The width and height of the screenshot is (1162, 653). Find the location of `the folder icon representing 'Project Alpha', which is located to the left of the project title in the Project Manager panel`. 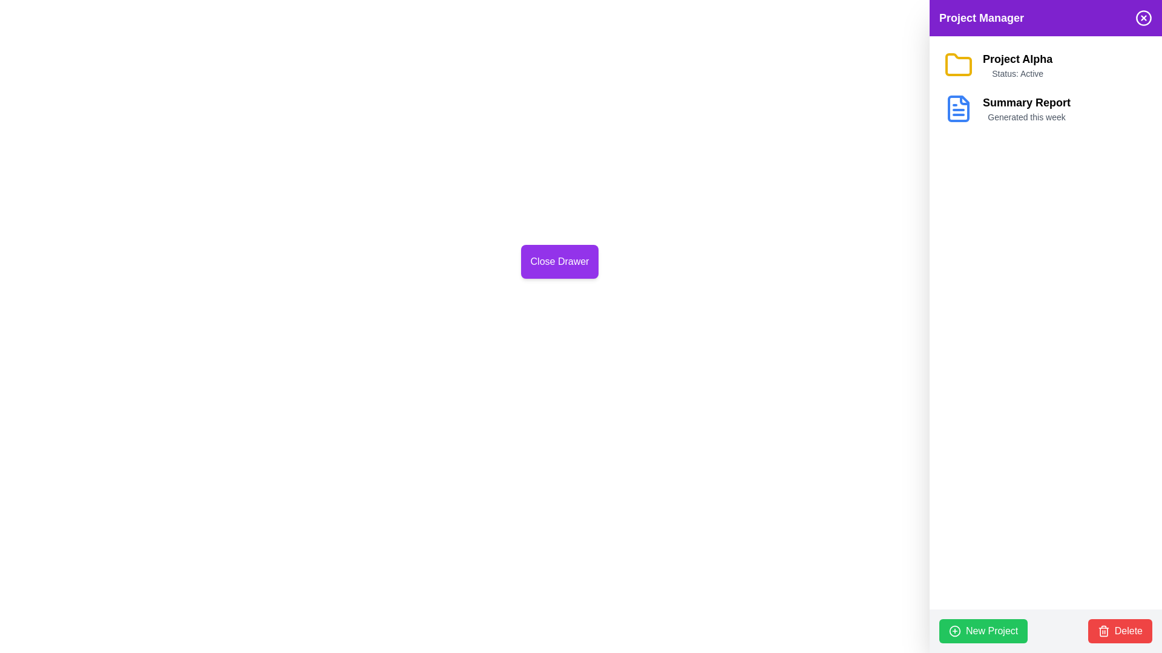

the folder icon representing 'Project Alpha', which is located to the left of the project title in the Project Manager panel is located at coordinates (958, 65).